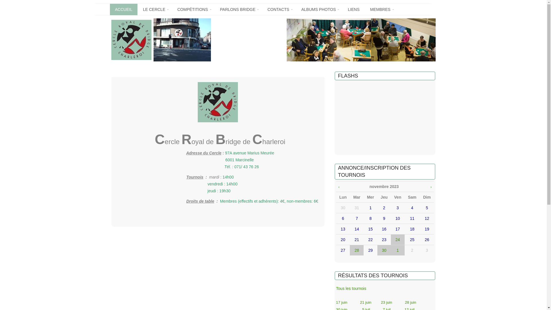 The image size is (551, 310). I want to click on '6001 Marcinell', so click(238, 160).